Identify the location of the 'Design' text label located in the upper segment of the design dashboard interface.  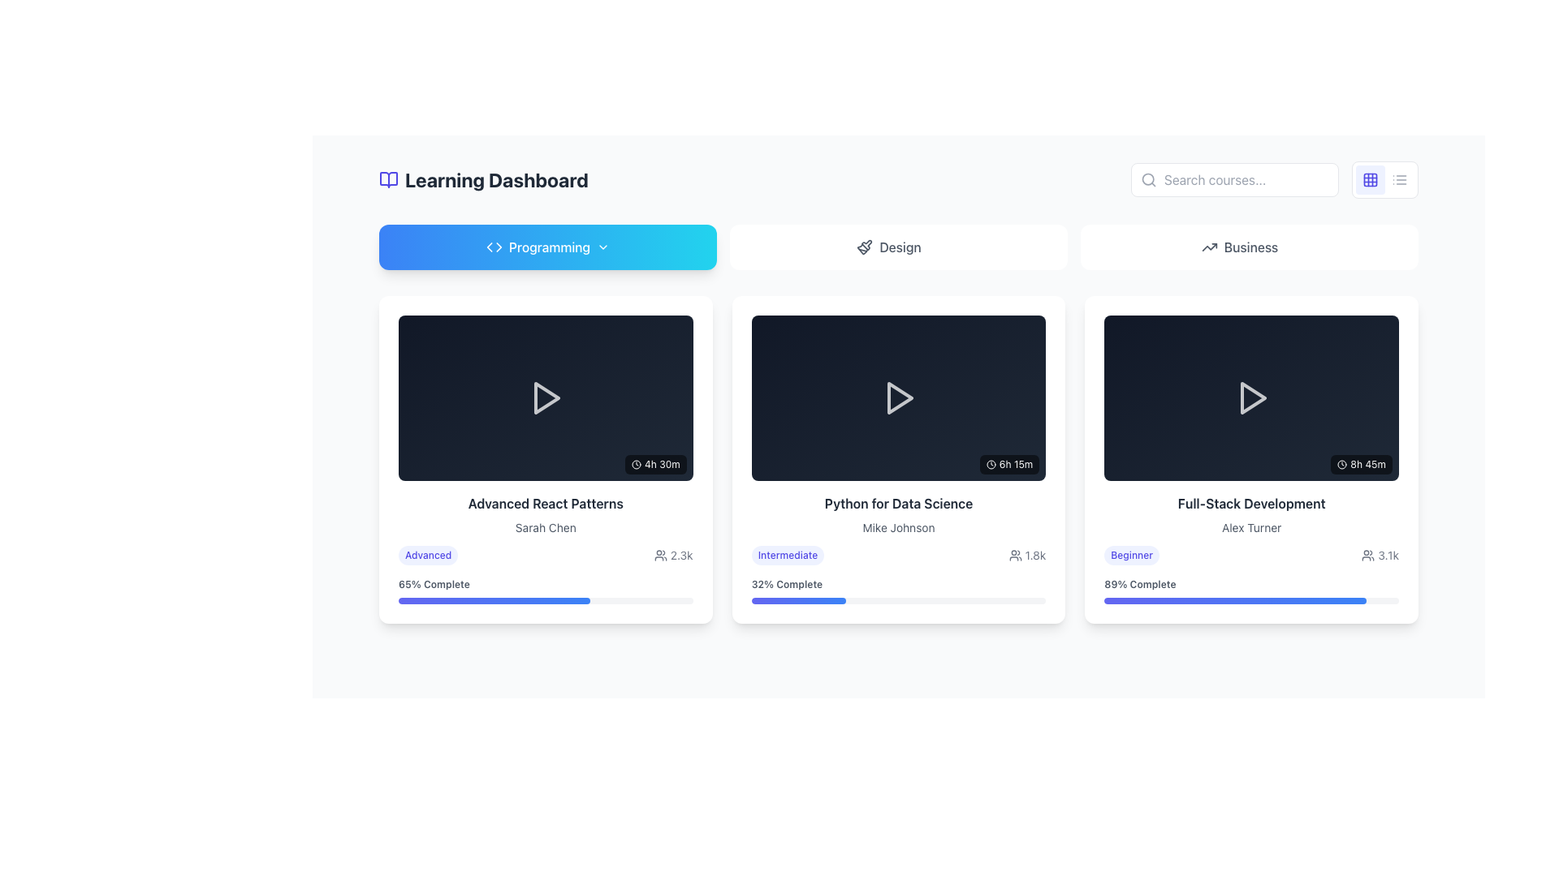
(899, 247).